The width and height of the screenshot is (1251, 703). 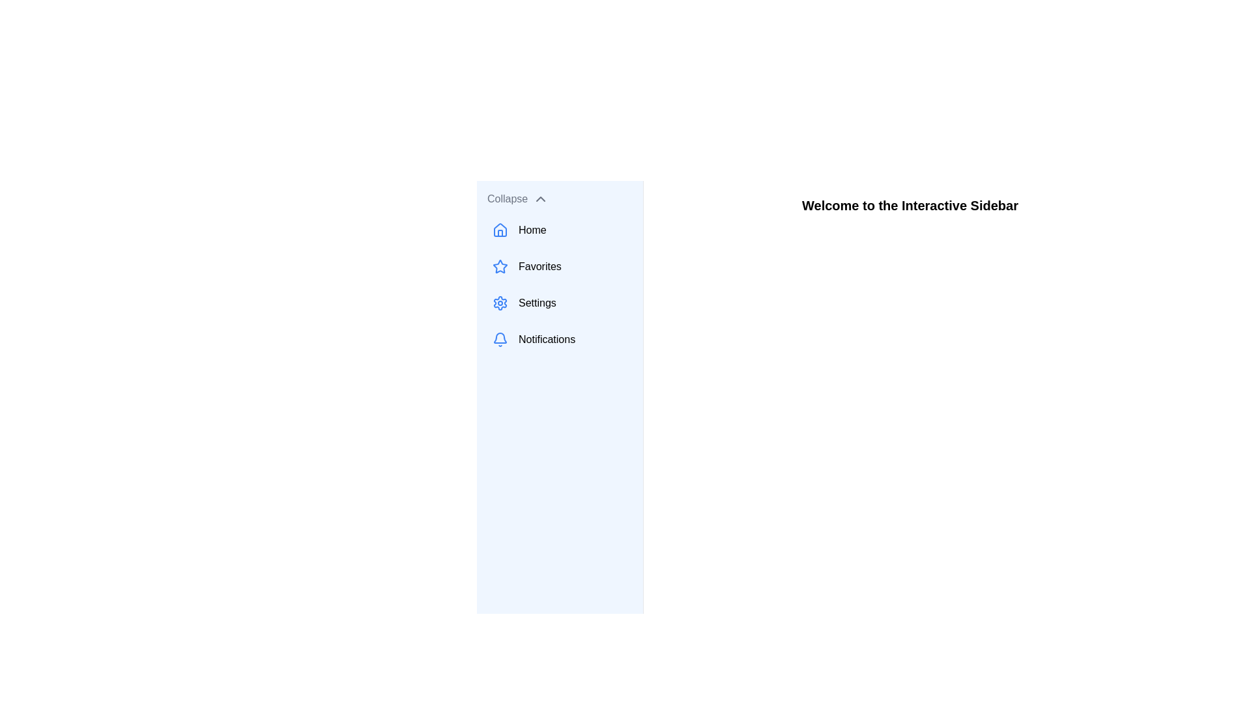 I want to click on the chevron icon located immediately to the right of the 'Collapse' text label, which serves as a toggle for the sidebar menu visibility, so click(x=541, y=199).